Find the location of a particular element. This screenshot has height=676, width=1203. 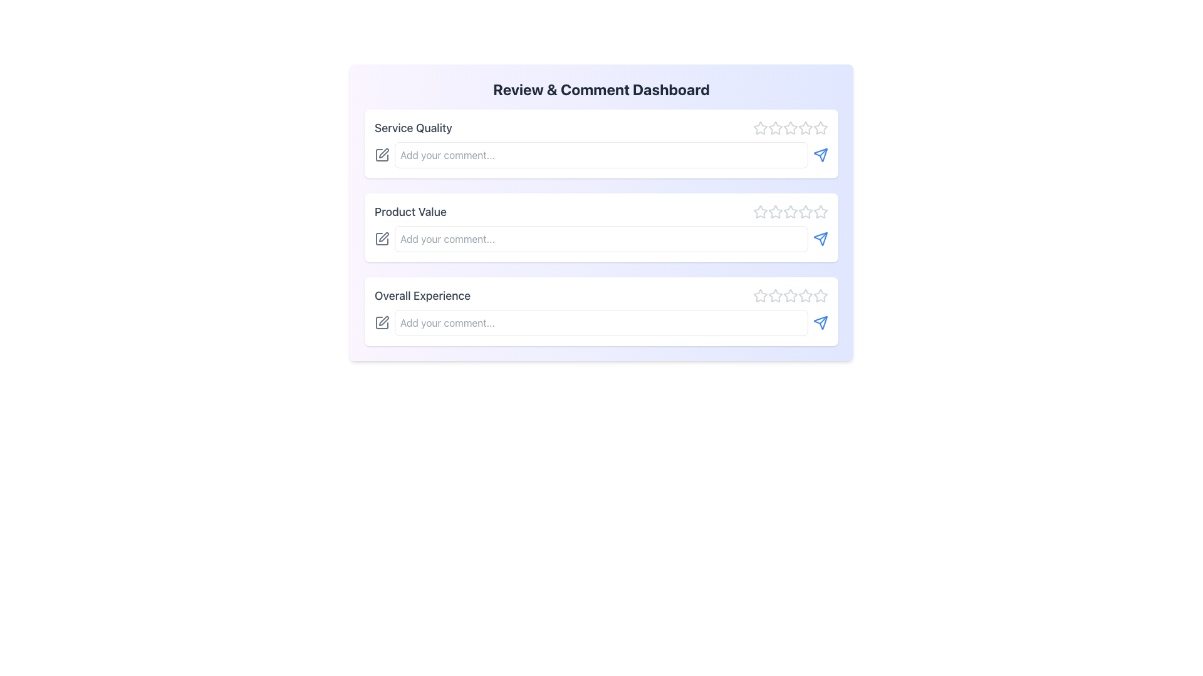

the 'Service Quality' text label located at the top of the feedback card on the dashboard is located at coordinates (413, 128).